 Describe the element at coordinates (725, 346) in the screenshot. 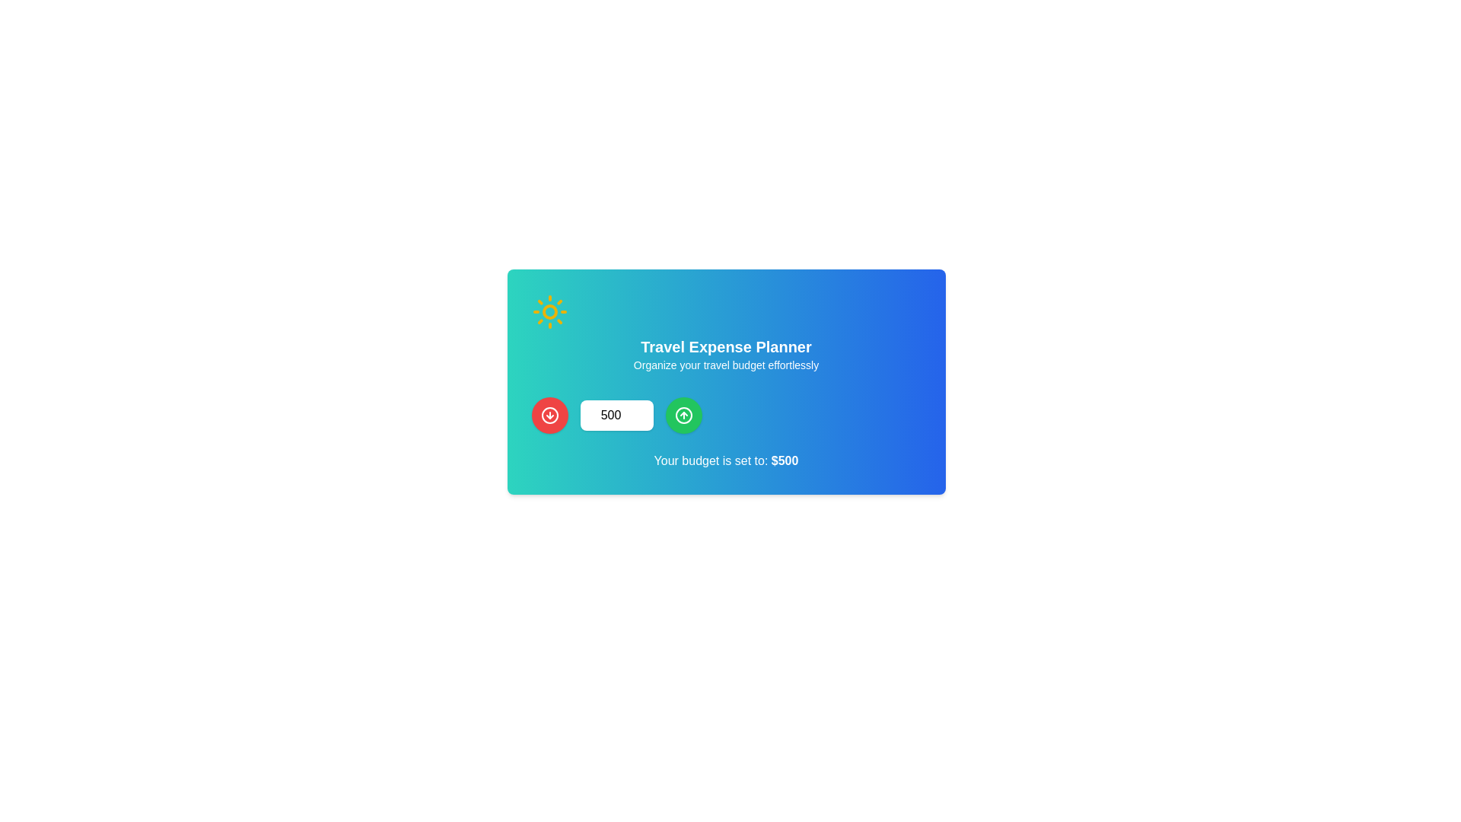

I see `the text heading that serves as the title for the travel expense planner section` at that location.